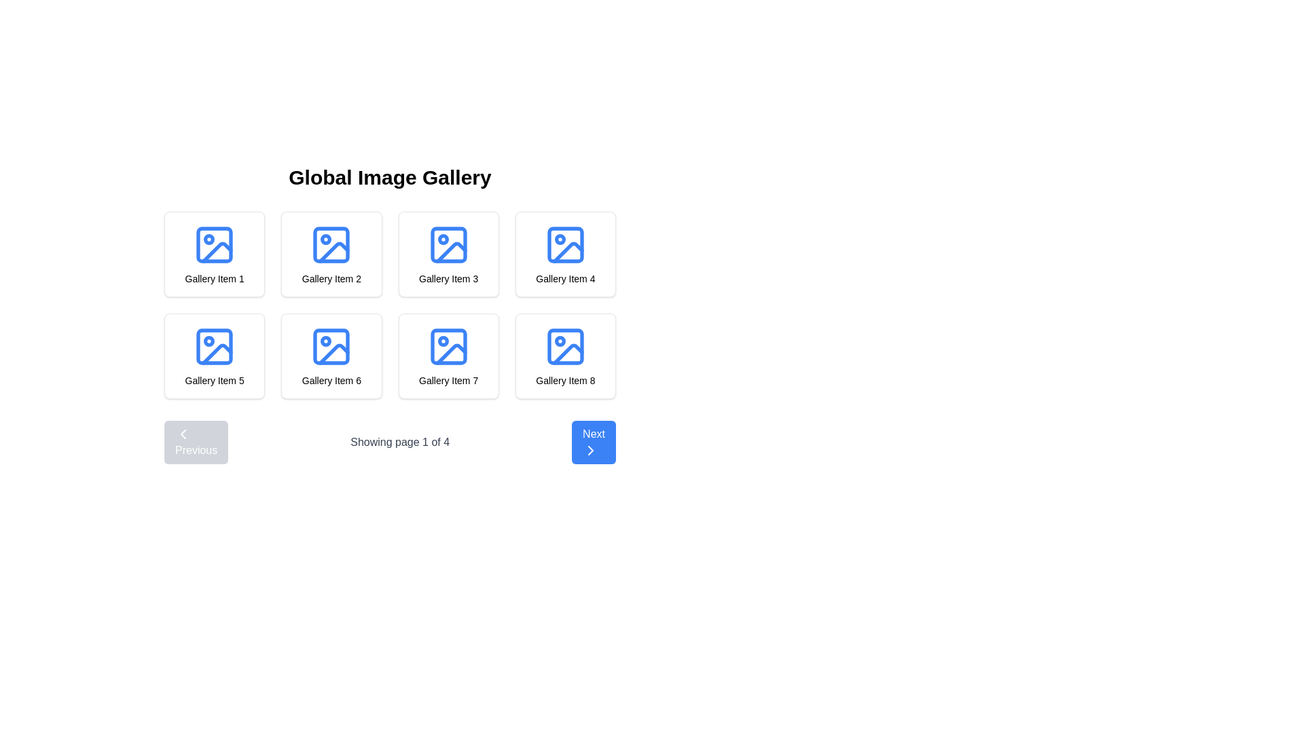 The height and width of the screenshot is (733, 1304). What do you see at coordinates (448, 254) in the screenshot?
I see `the 'Gallery Item 3' card component` at bounding box center [448, 254].